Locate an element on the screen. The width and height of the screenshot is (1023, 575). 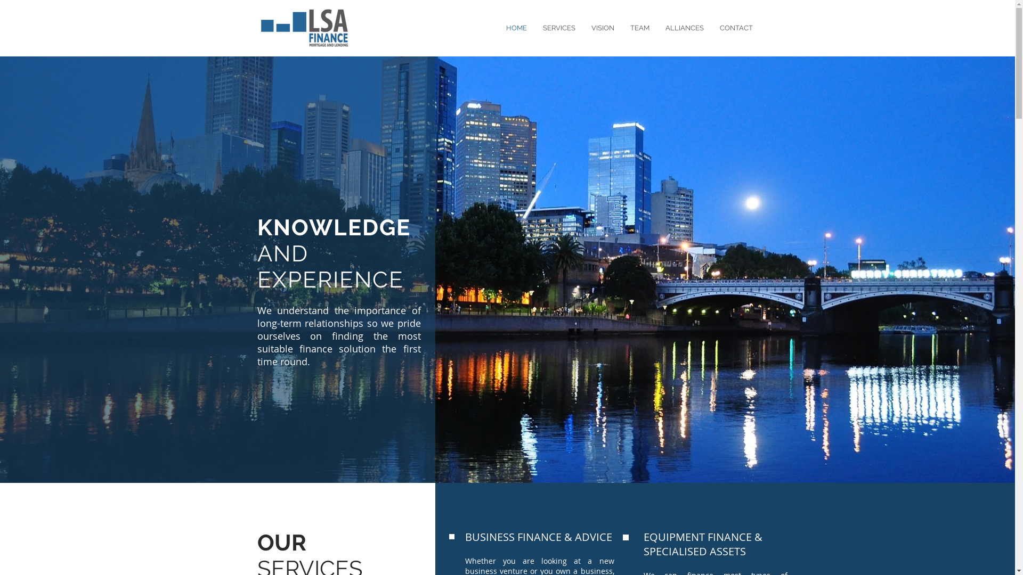
'EQUIPMENT FINANCE & SPECIALISED ASSETS' is located at coordinates (703, 544).